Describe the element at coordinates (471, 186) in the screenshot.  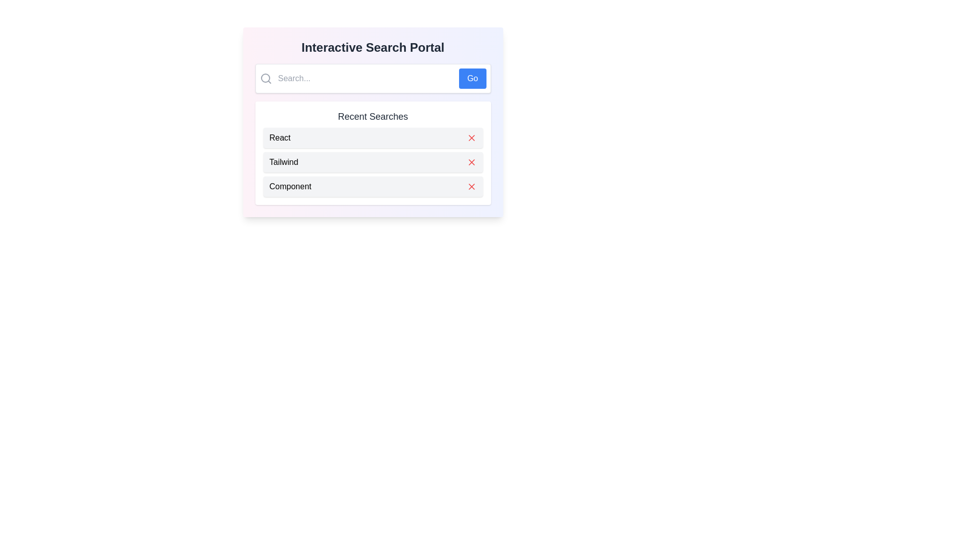
I see `the cross symbol icon located to the far right of the 'Component' entry in the 'Recent Searches' section` at that location.